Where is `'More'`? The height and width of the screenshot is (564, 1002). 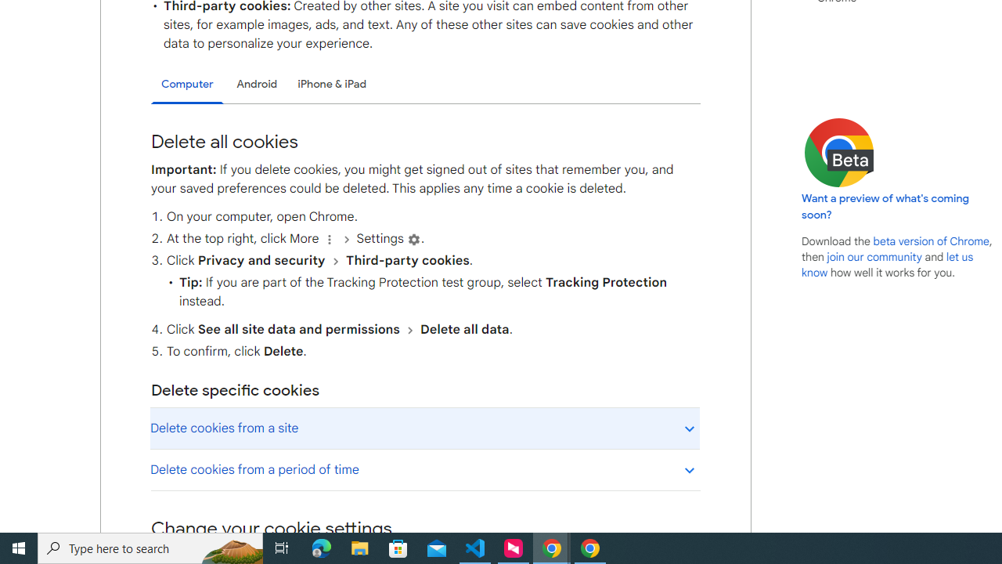
'More' is located at coordinates (328, 239).